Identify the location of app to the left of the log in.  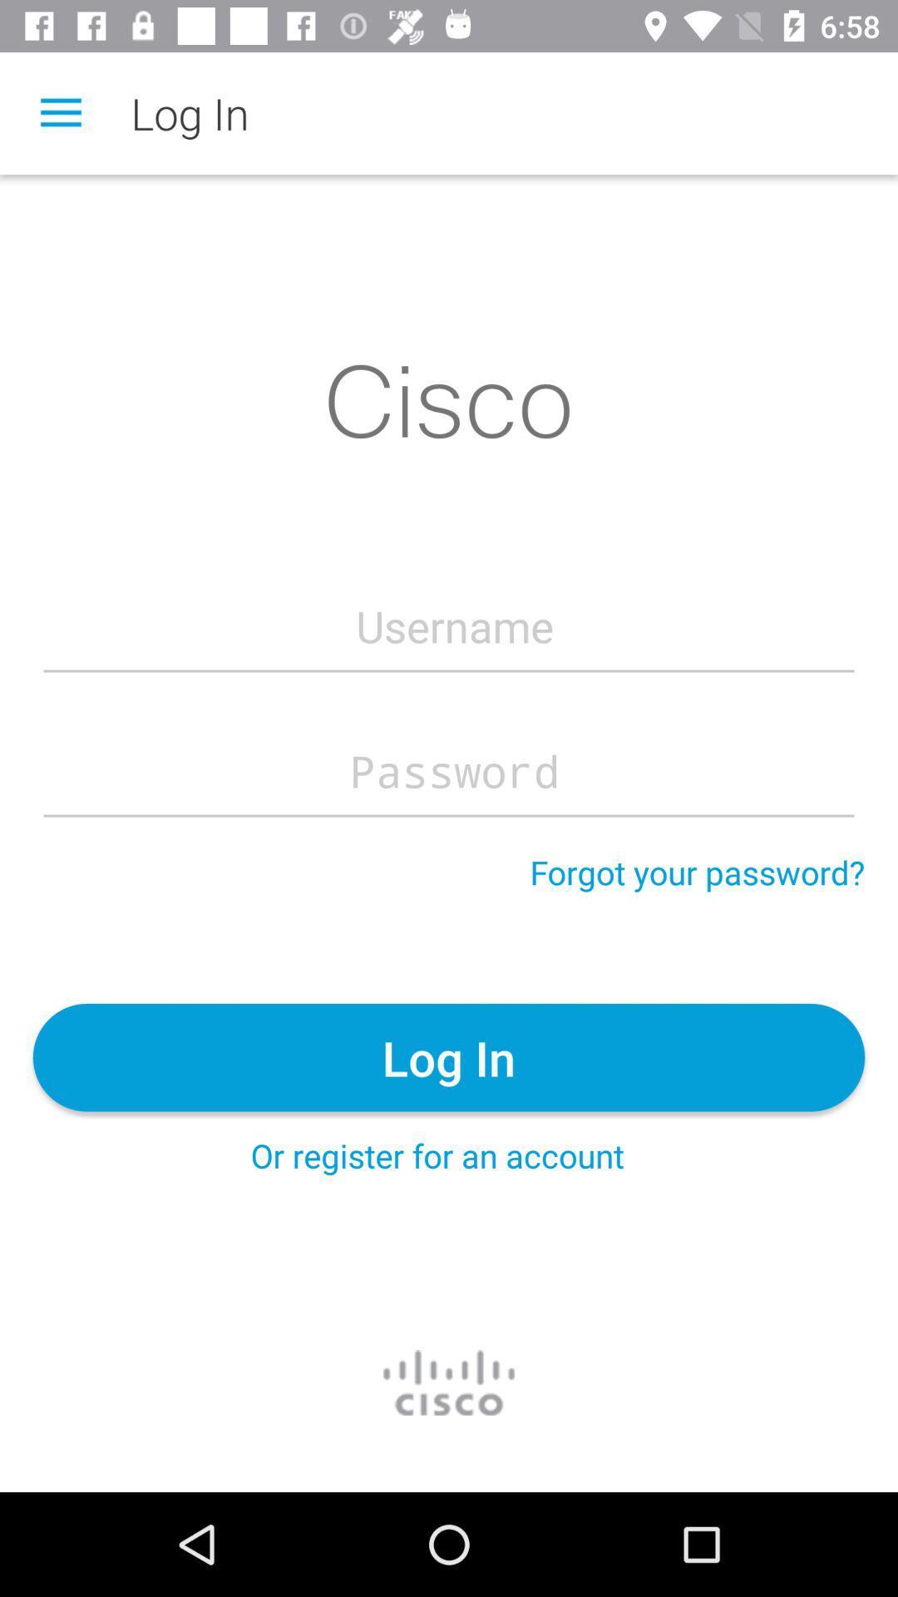
(60, 112).